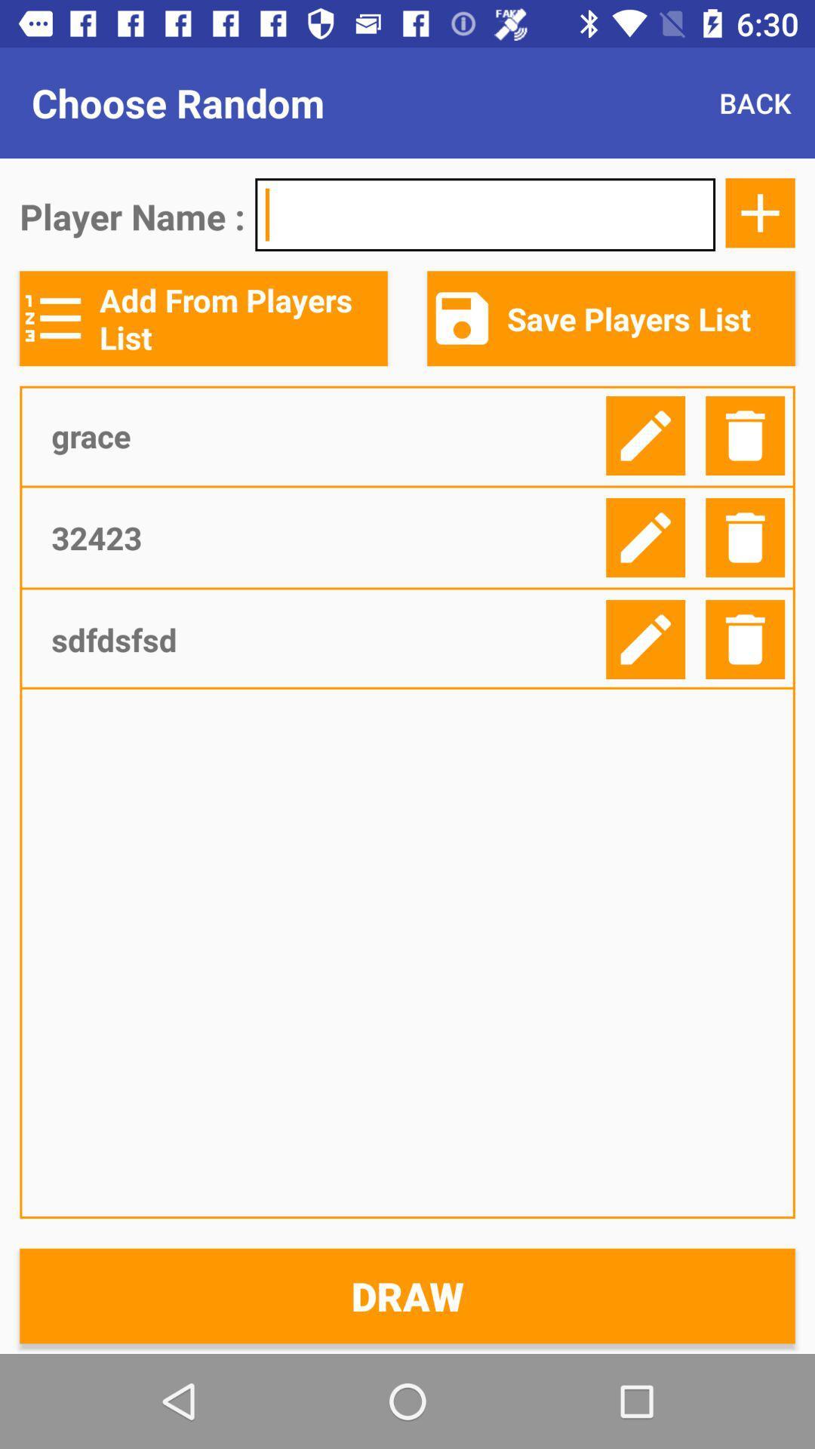 This screenshot has height=1449, width=815. What do you see at coordinates (461, 318) in the screenshot?
I see `save icon` at bounding box center [461, 318].